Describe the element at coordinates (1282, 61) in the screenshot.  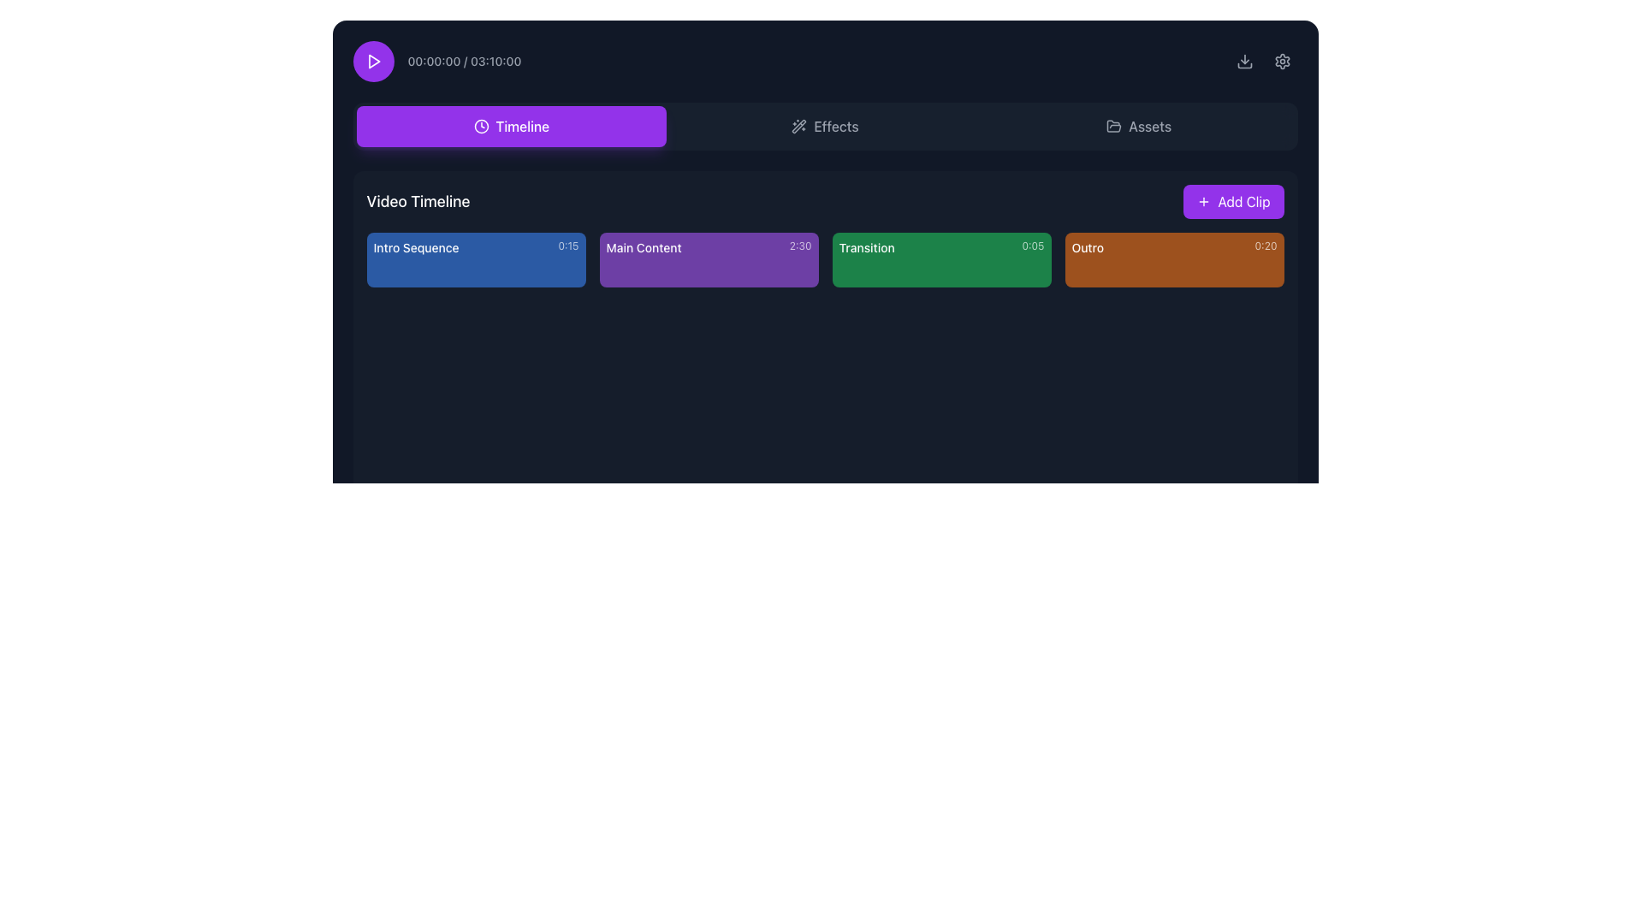
I see `the stylized gear icon located in the top-right corner of the interface` at that location.